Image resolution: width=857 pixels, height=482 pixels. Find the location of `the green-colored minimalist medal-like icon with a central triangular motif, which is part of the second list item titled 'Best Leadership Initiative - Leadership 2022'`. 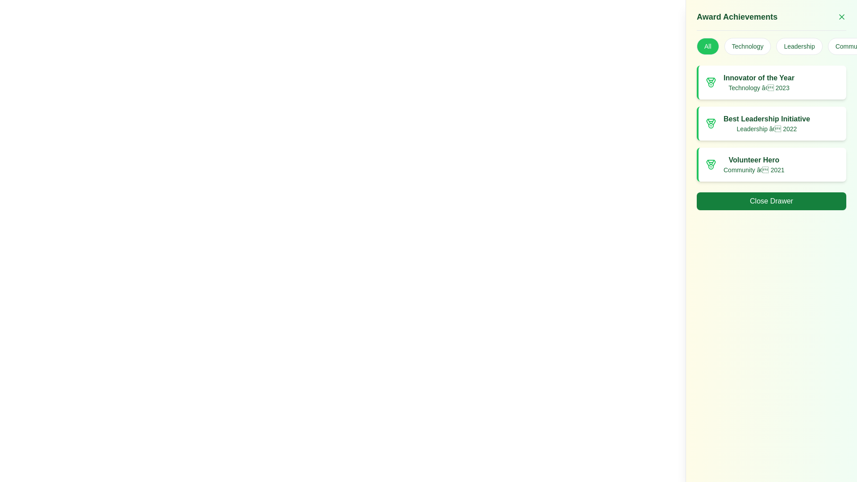

the green-colored minimalist medal-like icon with a central triangular motif, which is part of the second list item titled 'Best Leadership Initiative - Leadership 2022' is located at coordinates (711, 122).